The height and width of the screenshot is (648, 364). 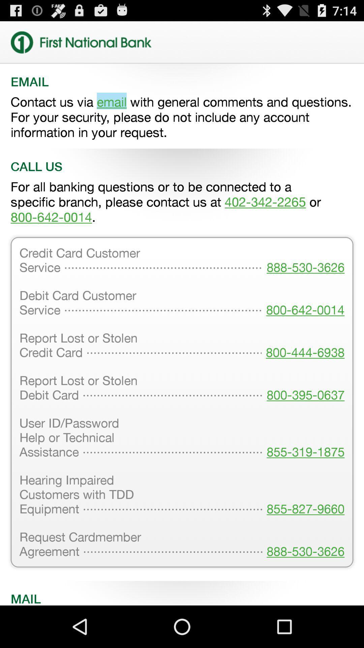 I want to click on the 800-444-6938 item, so click(x=303, y=346).